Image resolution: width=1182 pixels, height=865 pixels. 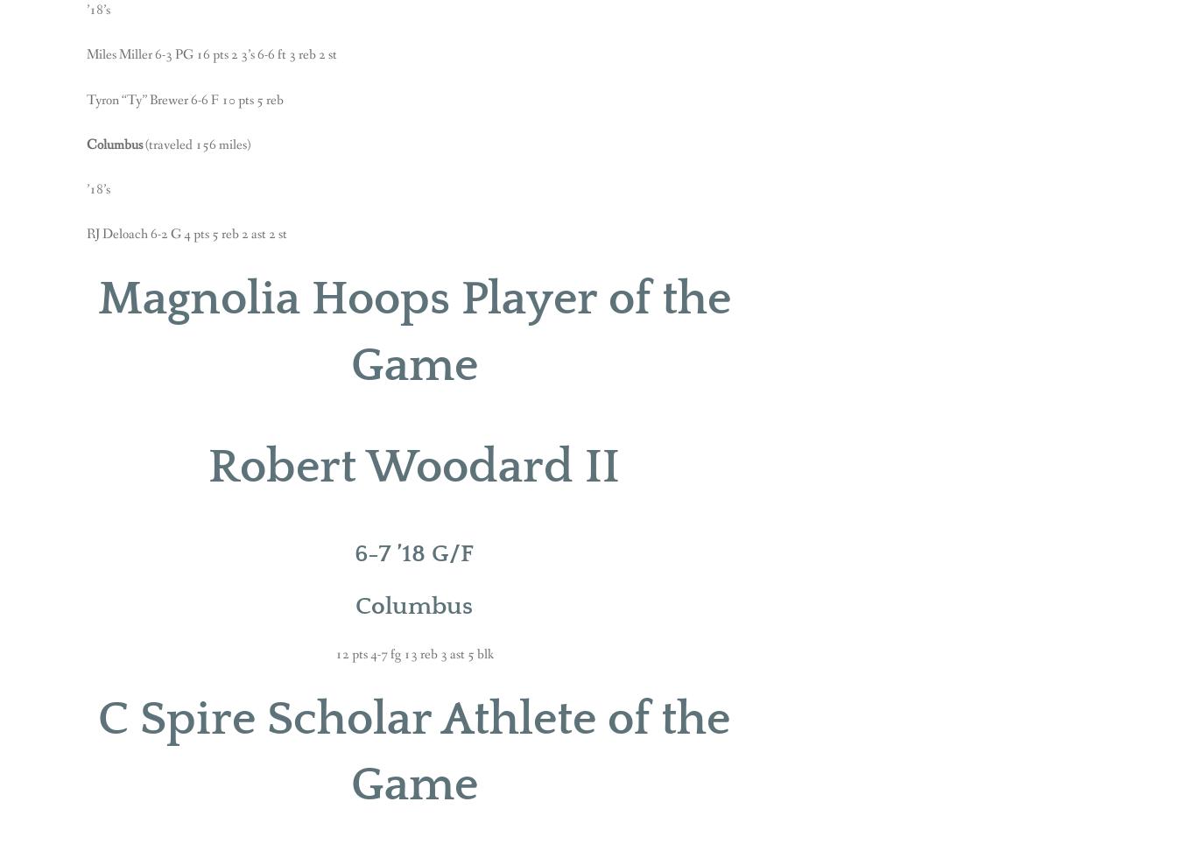 I want to click on 'C Spire Scholar Athlete of the Game', so click(x=413, y=751).